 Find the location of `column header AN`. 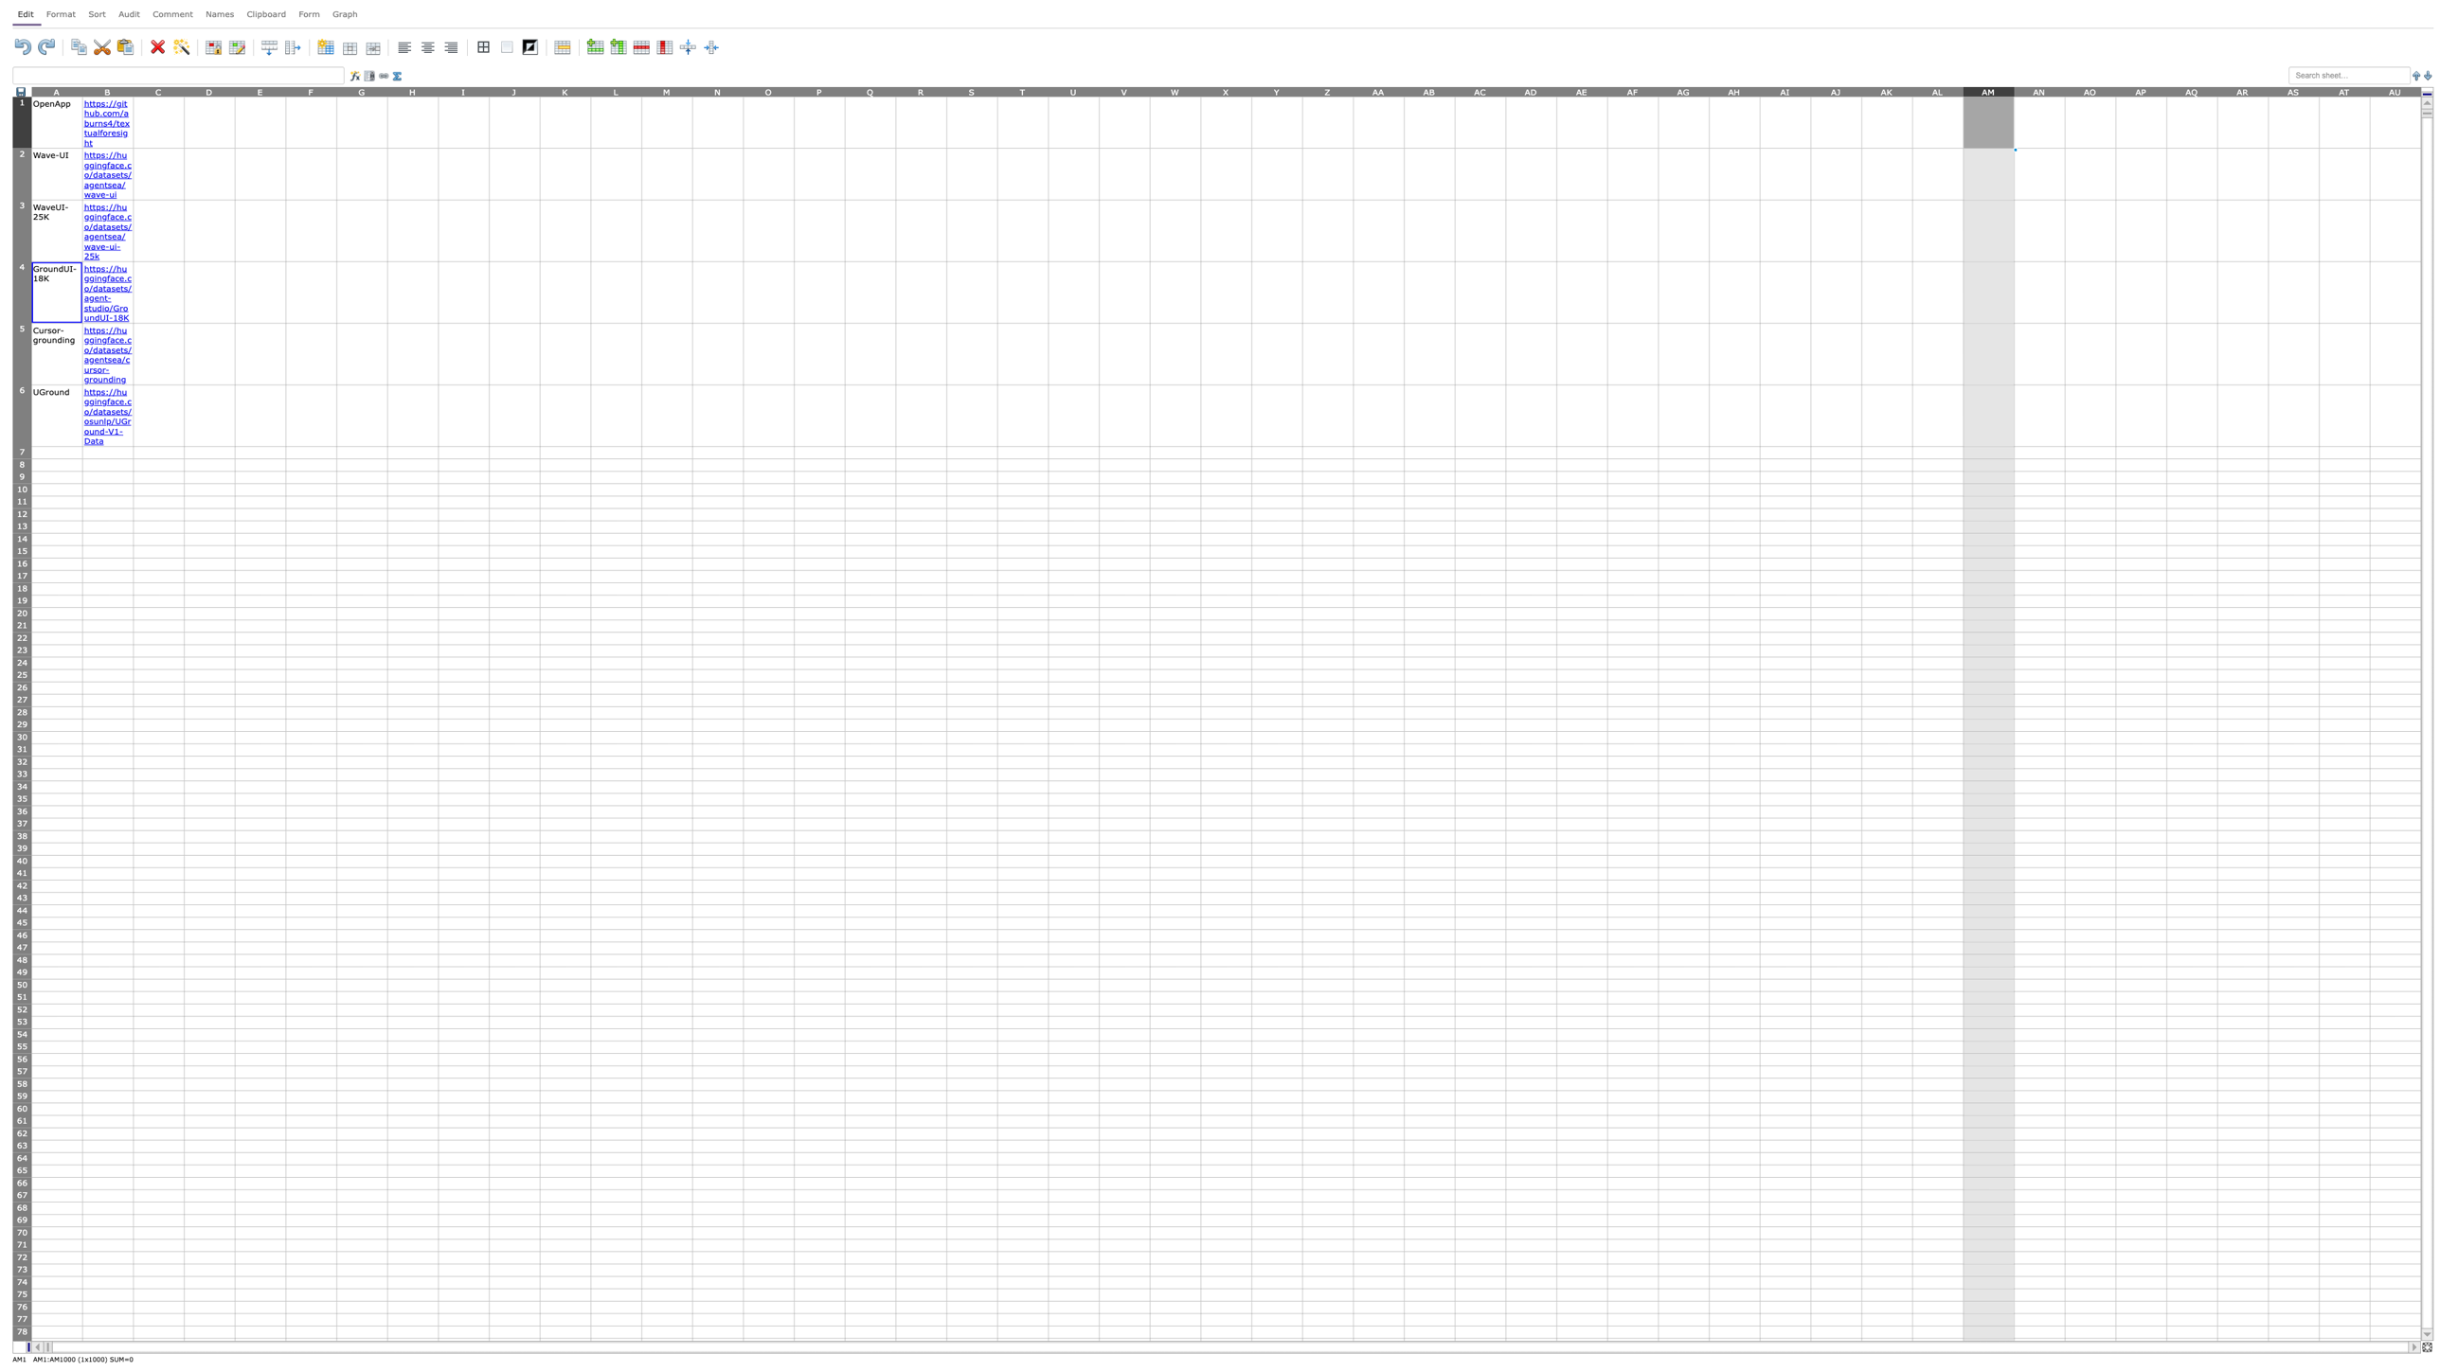

column header AN is located at coordinates (2038, 90).